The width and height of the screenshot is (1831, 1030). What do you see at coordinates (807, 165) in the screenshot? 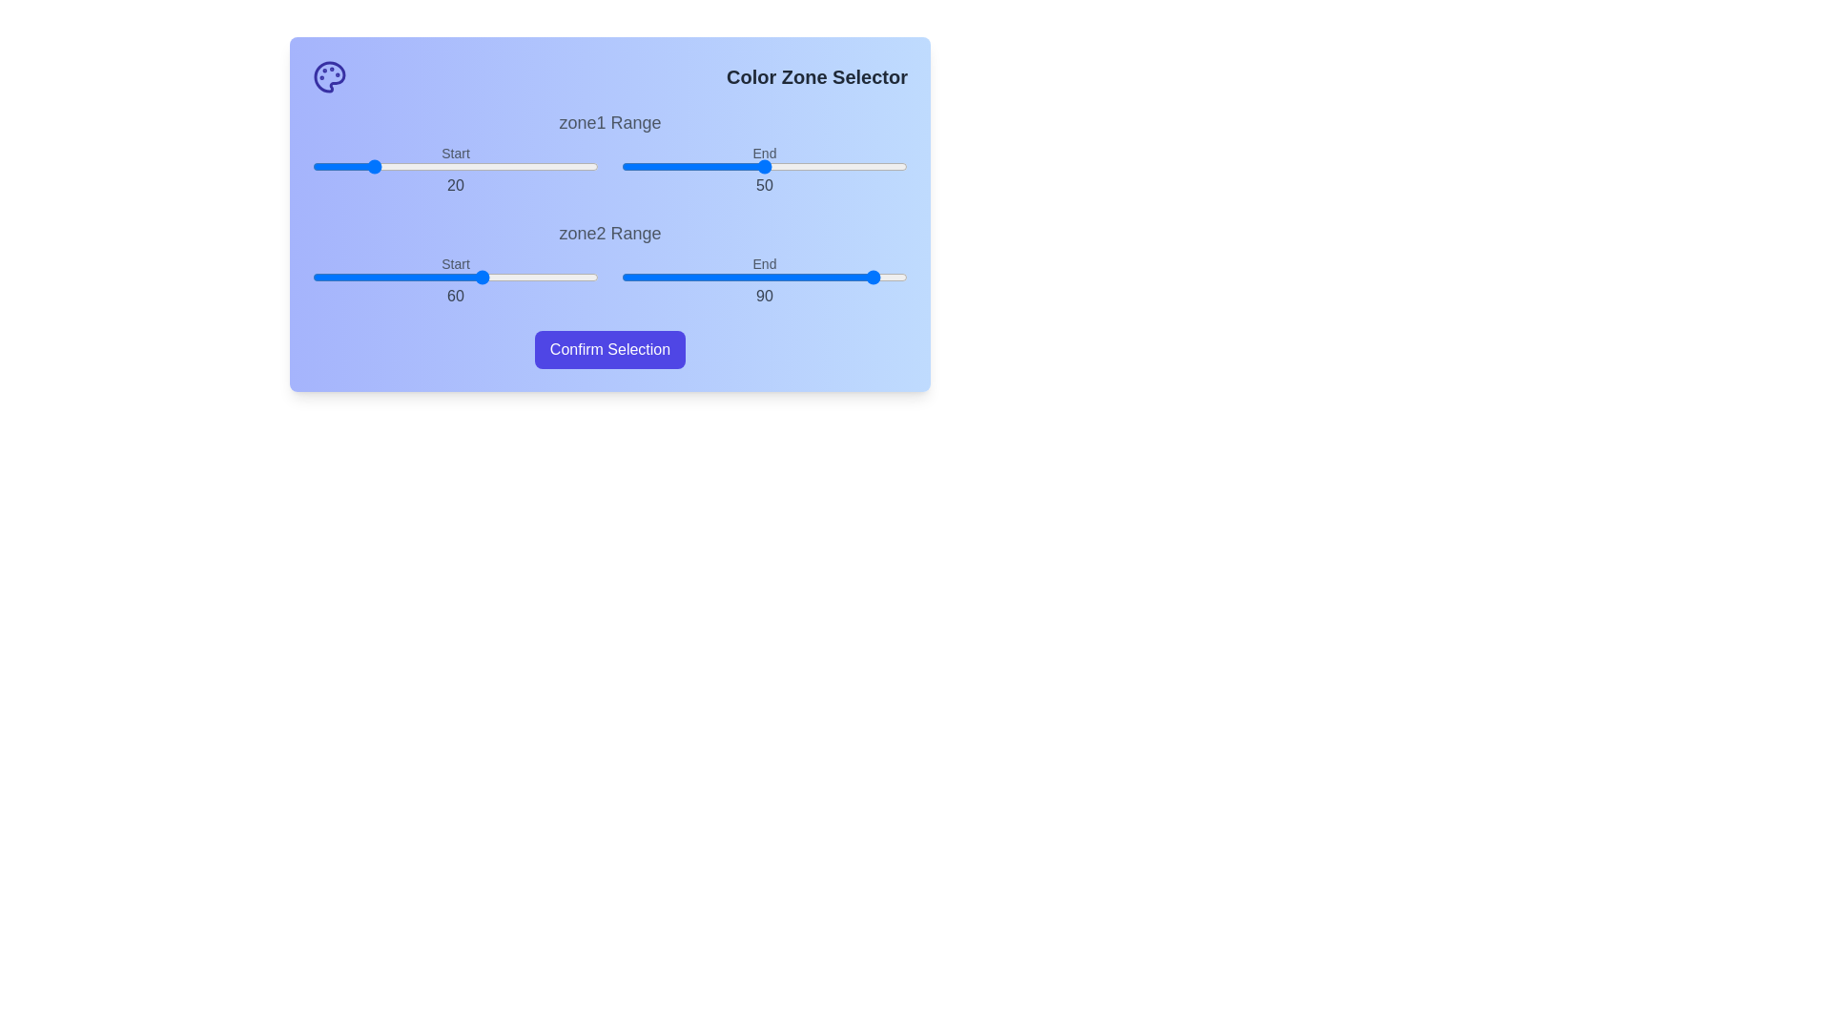
I see `the end range slider for zone1 to 65` at bounding box center [807, 165].